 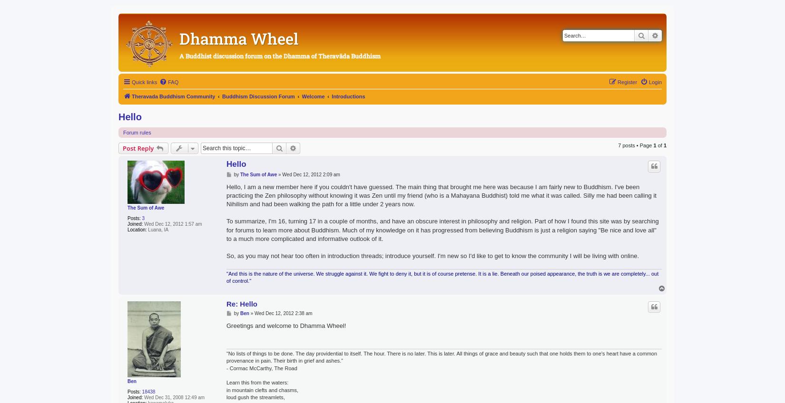 I want to click on 'Dhamma Wheel', so click(x=179, y=38).